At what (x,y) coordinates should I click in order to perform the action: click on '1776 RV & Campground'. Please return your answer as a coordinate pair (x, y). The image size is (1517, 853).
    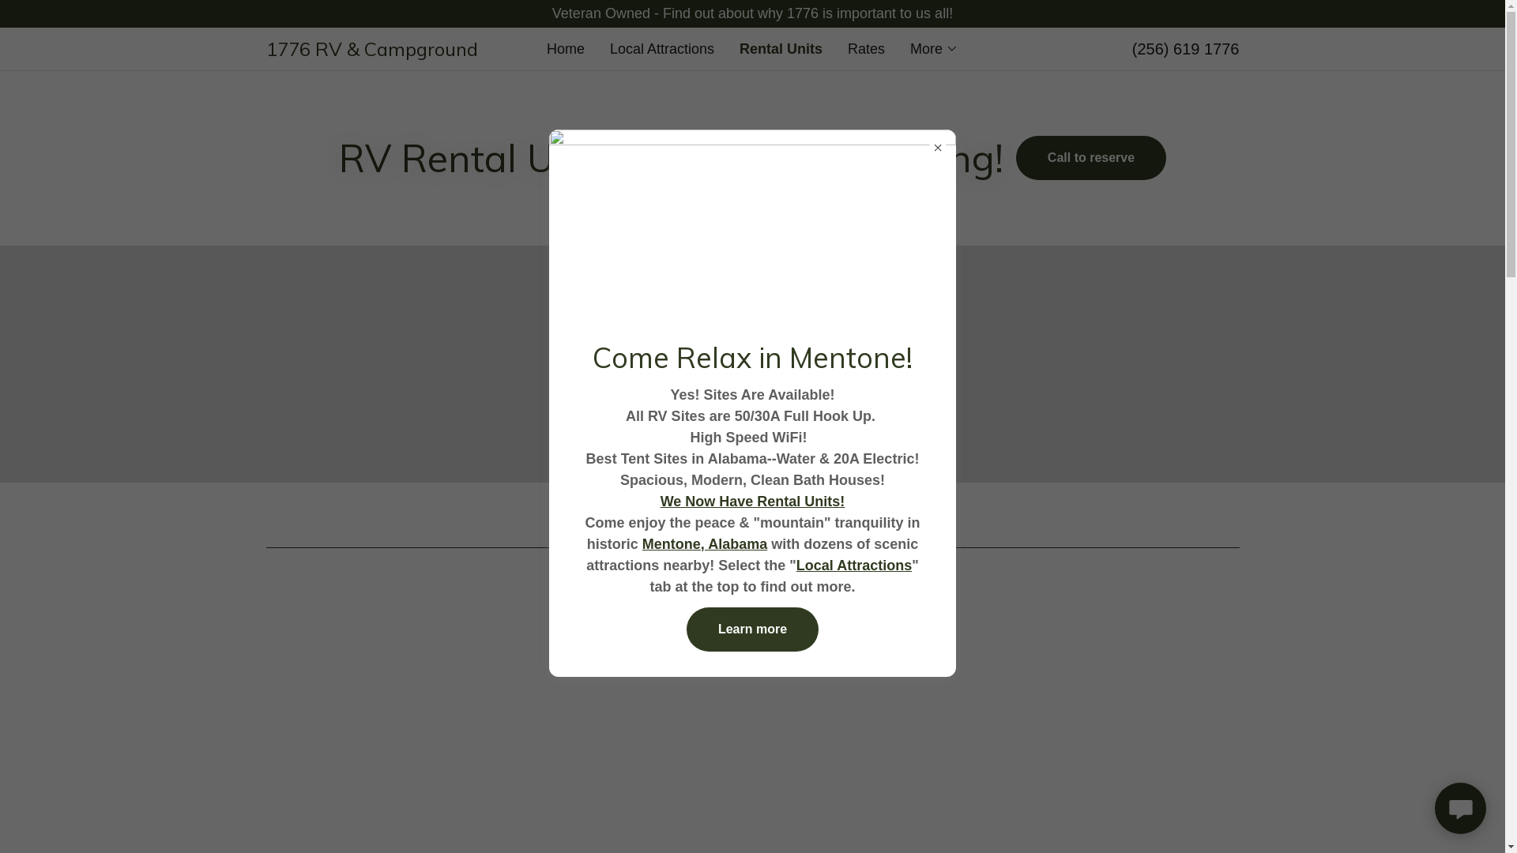
    Looking at the image, I should click on (265, 51).